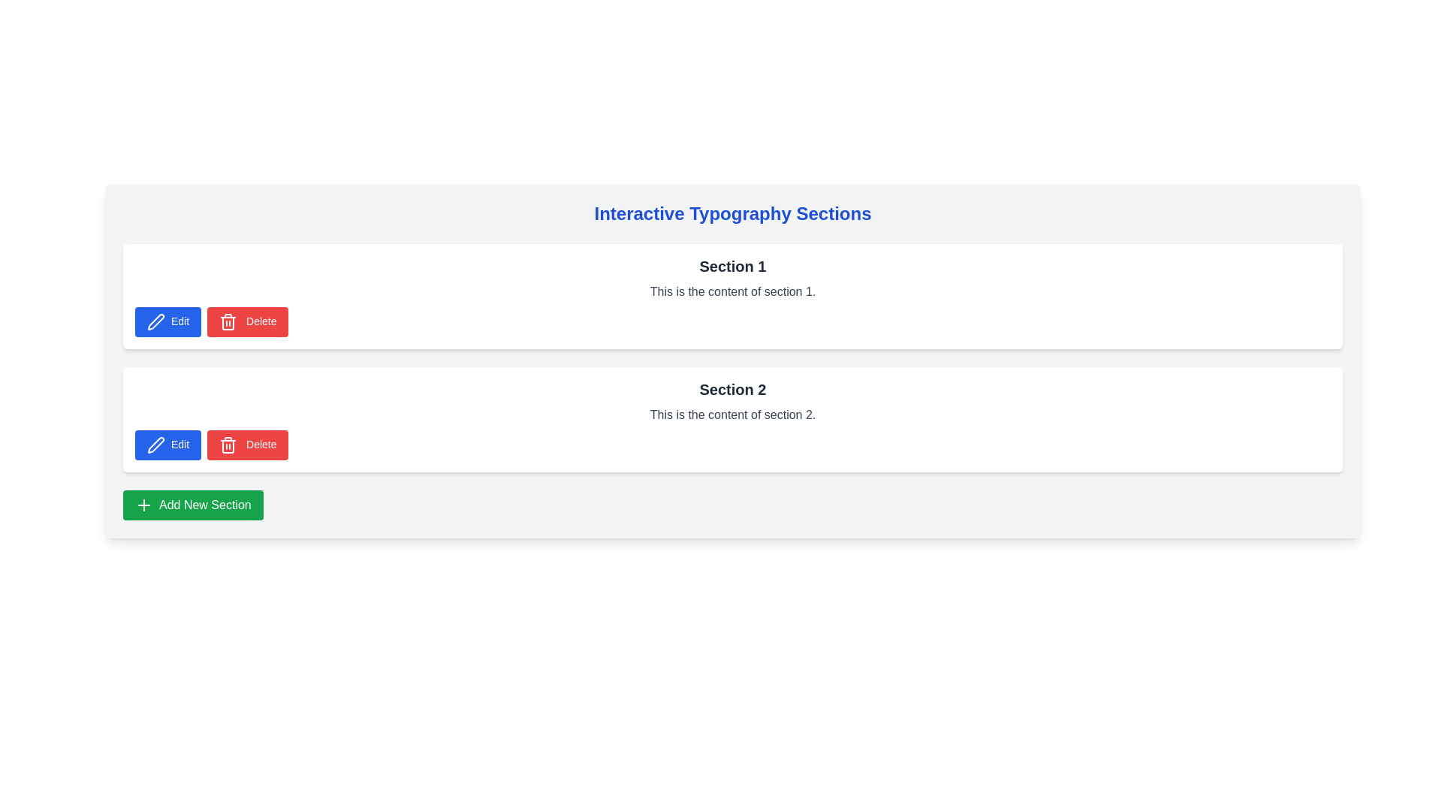  Describe the element at coordinates (248, 321) in the screenshot. I see `the delete button located to the right of the blue 'Edit' button in the white box to observe any visual changes like color shift` at that location.